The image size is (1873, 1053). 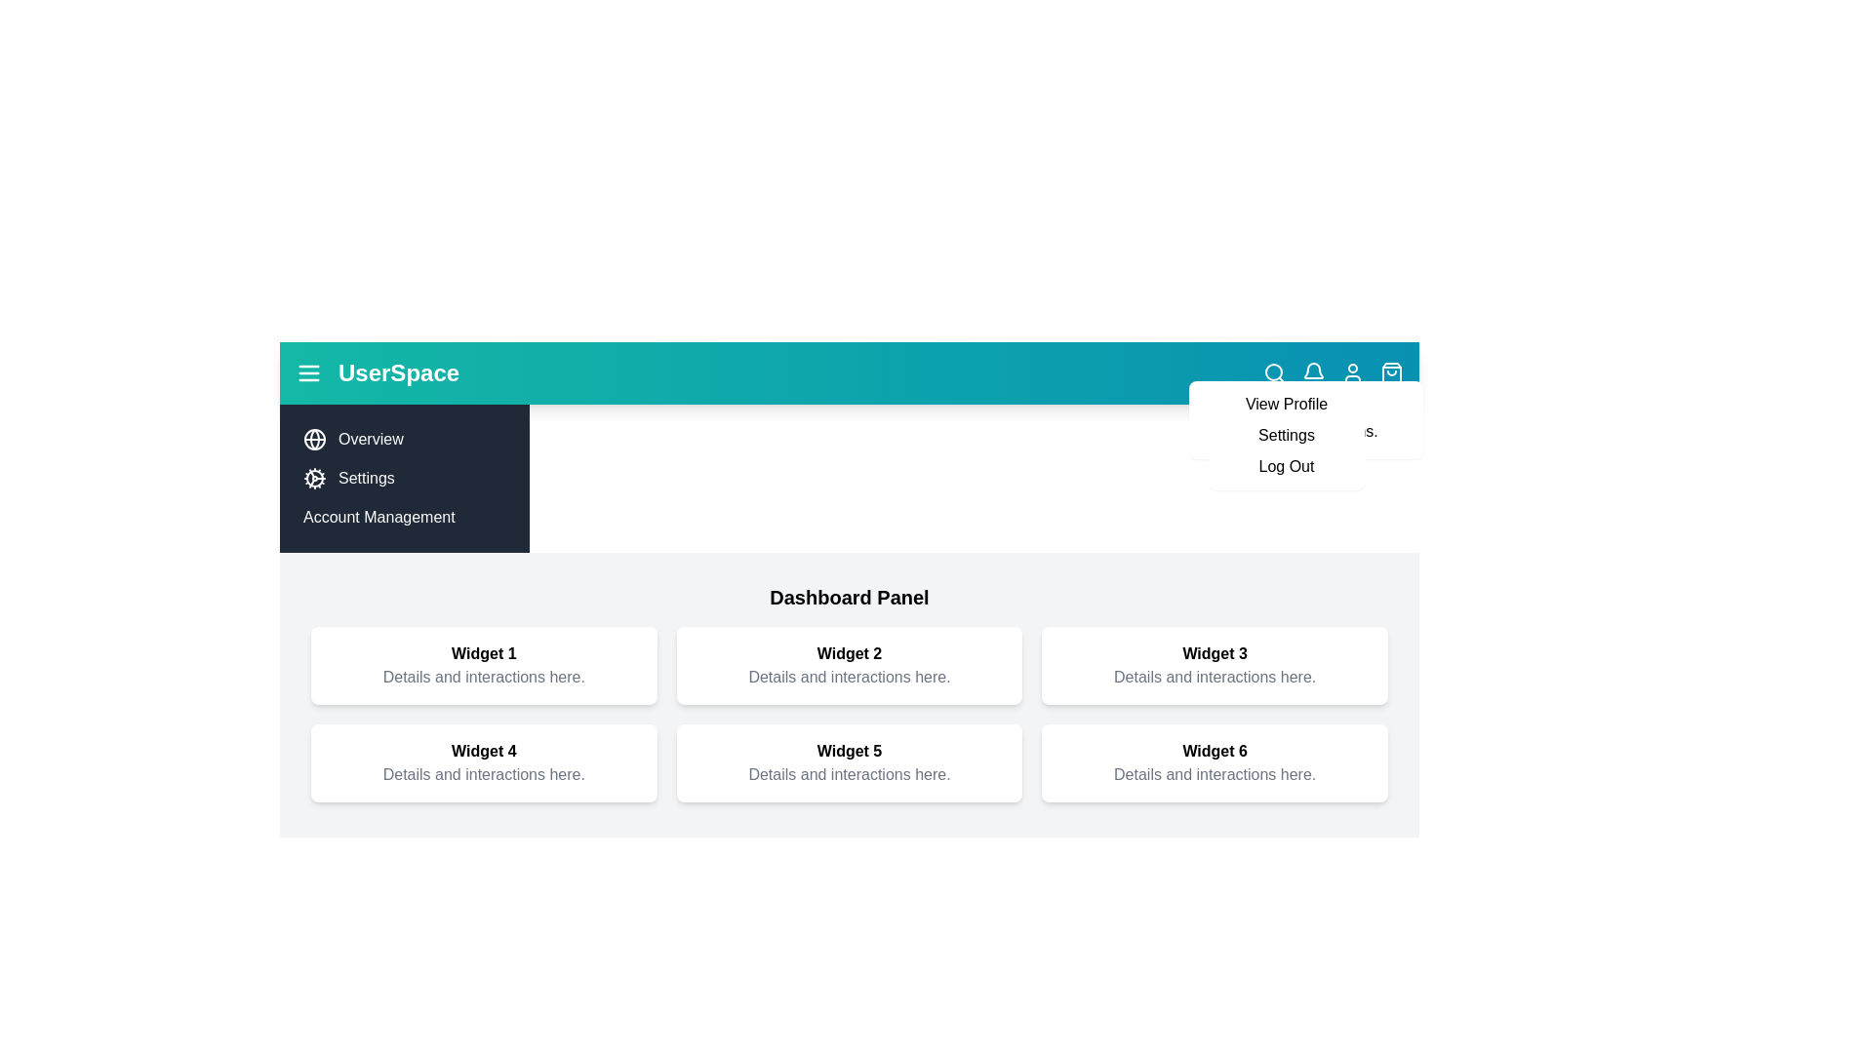 I want to click on label of the text label displaying 'Widget 6' located in the lower-right corner of the dashboard panel, so click(x=1214, y=751).